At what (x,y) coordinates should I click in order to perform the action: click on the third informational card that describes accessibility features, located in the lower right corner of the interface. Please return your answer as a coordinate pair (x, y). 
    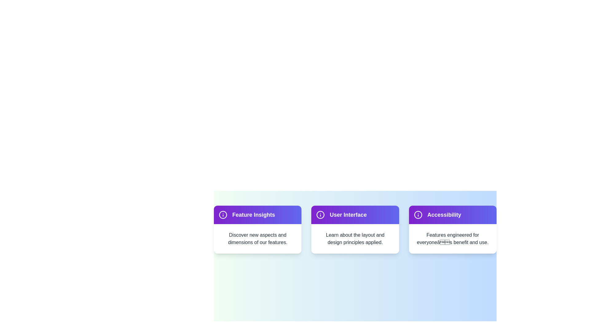
    Looking at the image, I should click on (453, 230).